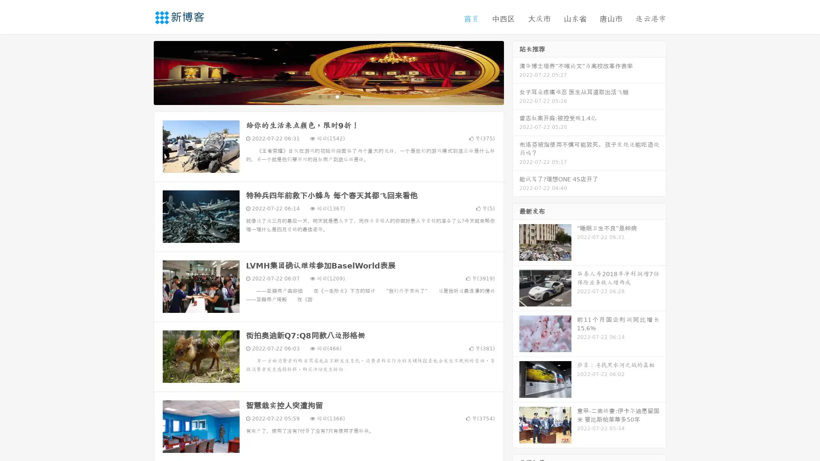  Describe the element at coordinates (328, 96) in the screenshot. I see `Go to slide 2` at that location.